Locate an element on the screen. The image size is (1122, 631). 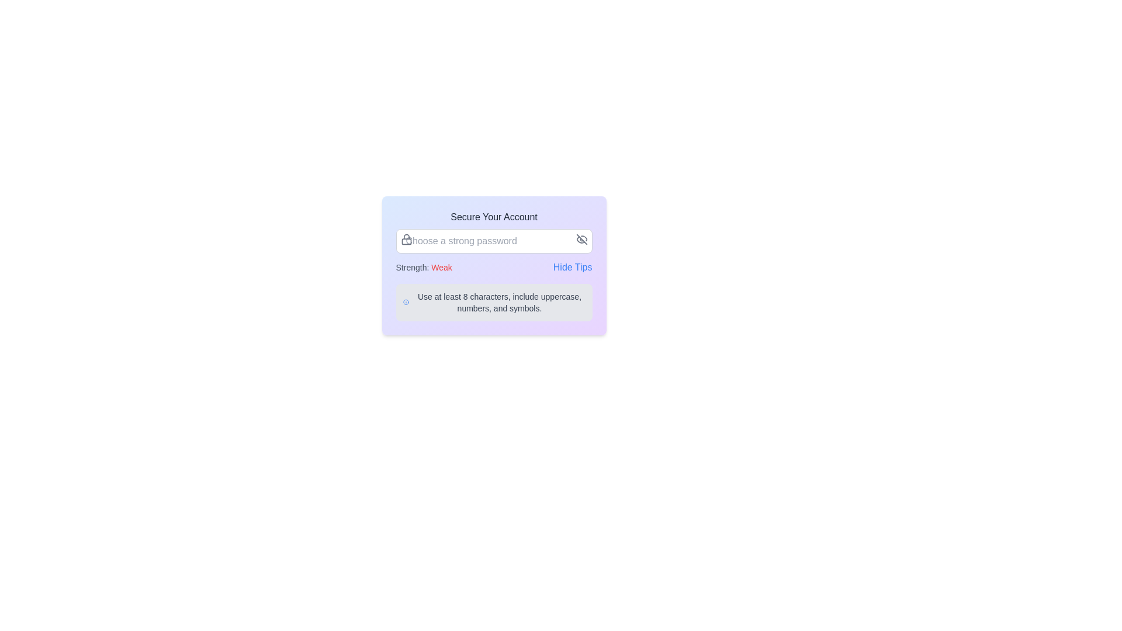
the text label displaying 'Weak' in red color, which indicates a weak status, positioned within the 'Strength: Weak' label is located at coordinates (439, 268).